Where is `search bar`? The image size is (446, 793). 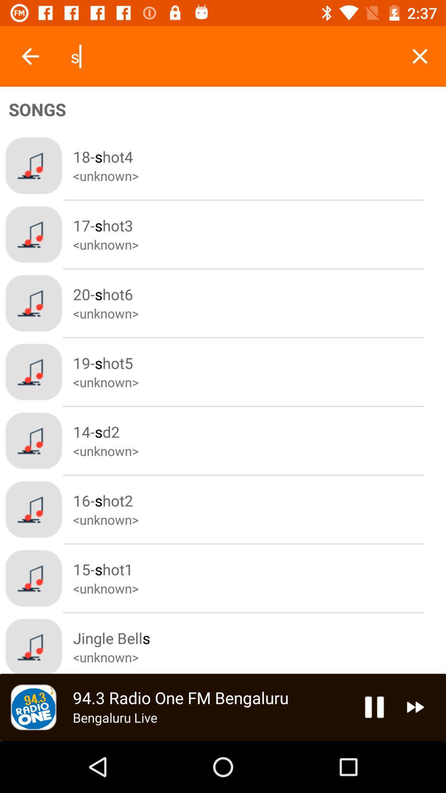 search bar is located at coordinates (232, 56).